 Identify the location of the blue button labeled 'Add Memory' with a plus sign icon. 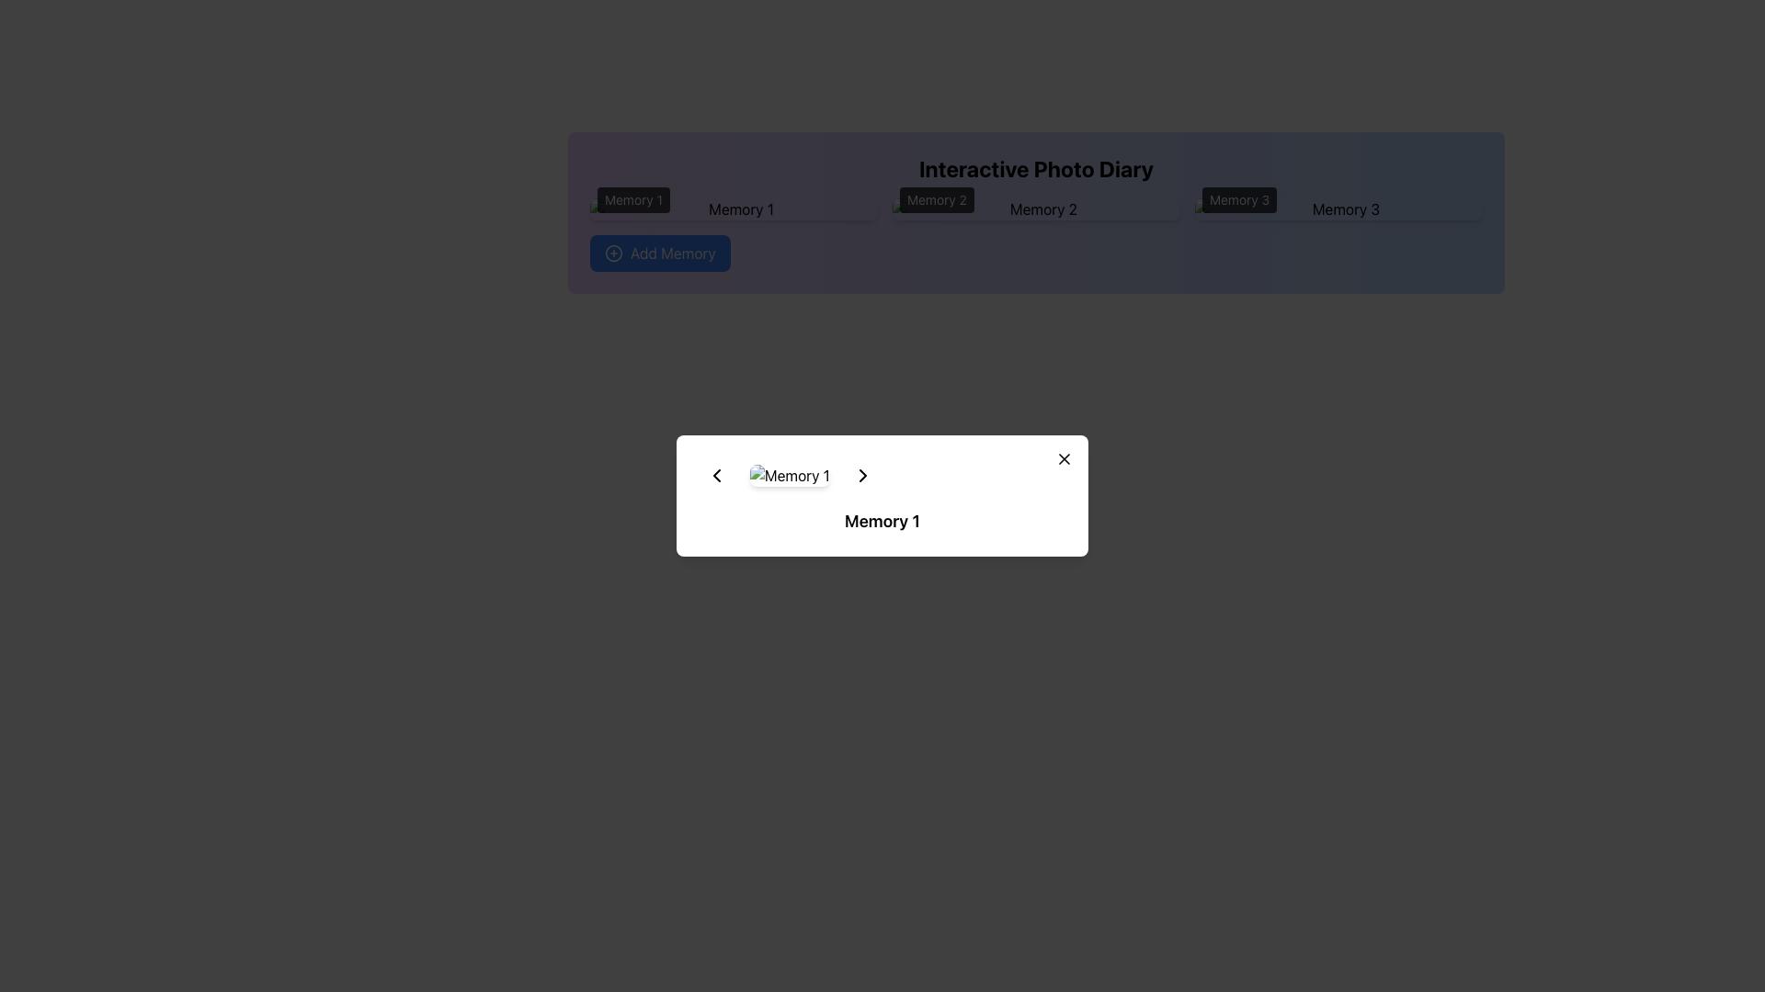
(660, 254).